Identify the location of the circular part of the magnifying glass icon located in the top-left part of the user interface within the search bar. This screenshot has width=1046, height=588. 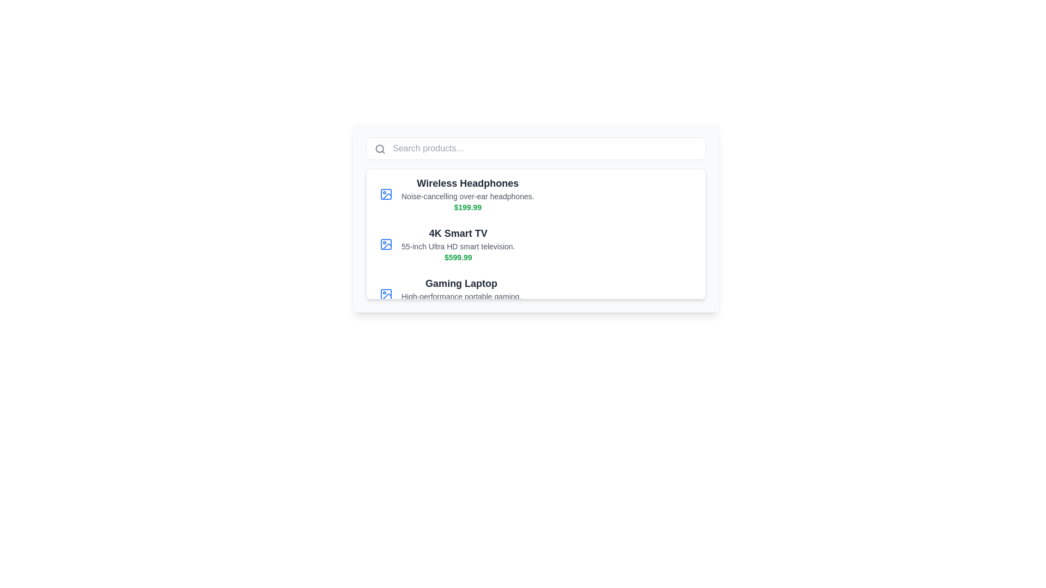
(380, 149).